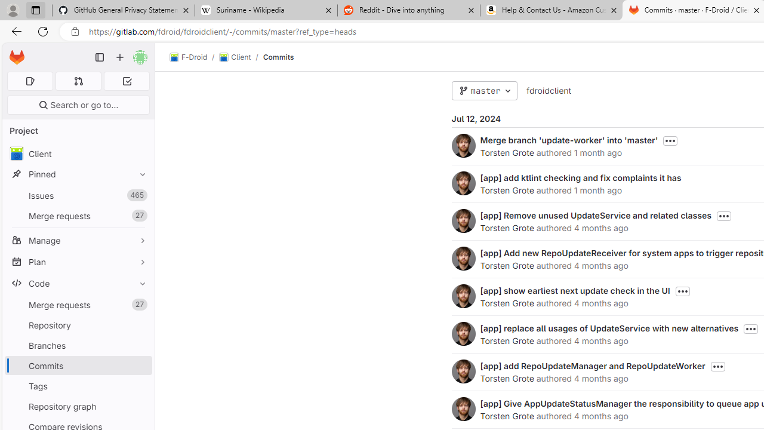 This screenshot has height=430, width=764. What do you see at coordinates (78, 406) in the screenshot?
I see `'Repository graph'` at bounding box center [78, 406].